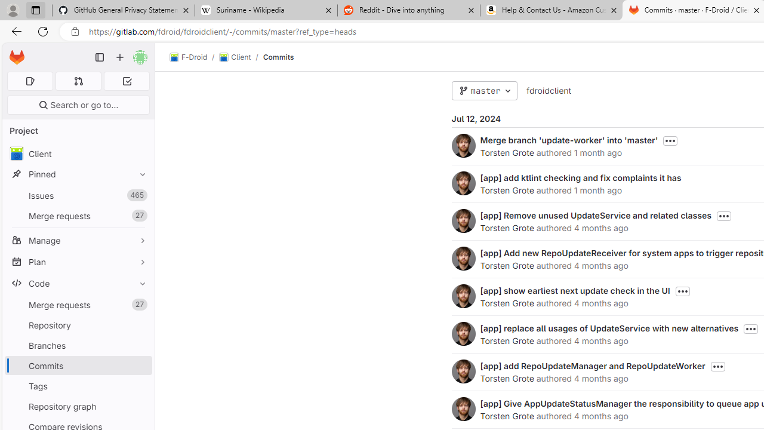 This screenshot has height=430, width=764. What do you see at coordinates (78, 406) in the screenshot?
I see `'Repository graph'` at bounding box center [78, 406].